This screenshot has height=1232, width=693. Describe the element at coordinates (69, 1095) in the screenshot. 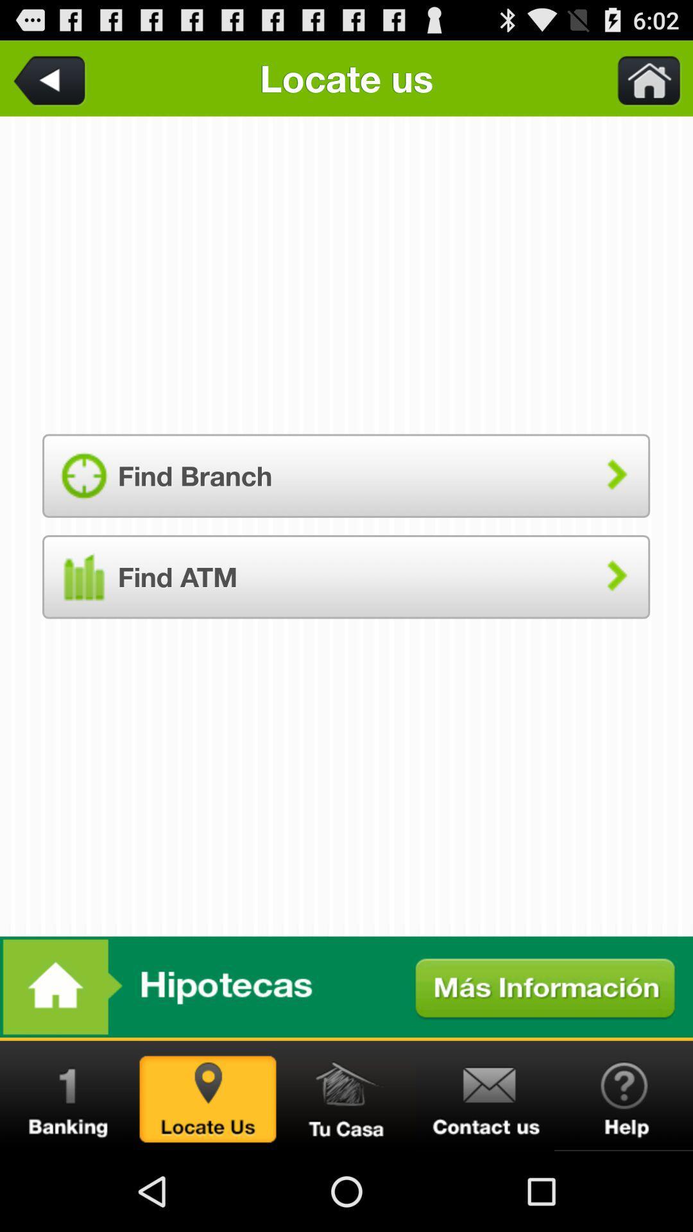

I see `messages from bank` at that location.